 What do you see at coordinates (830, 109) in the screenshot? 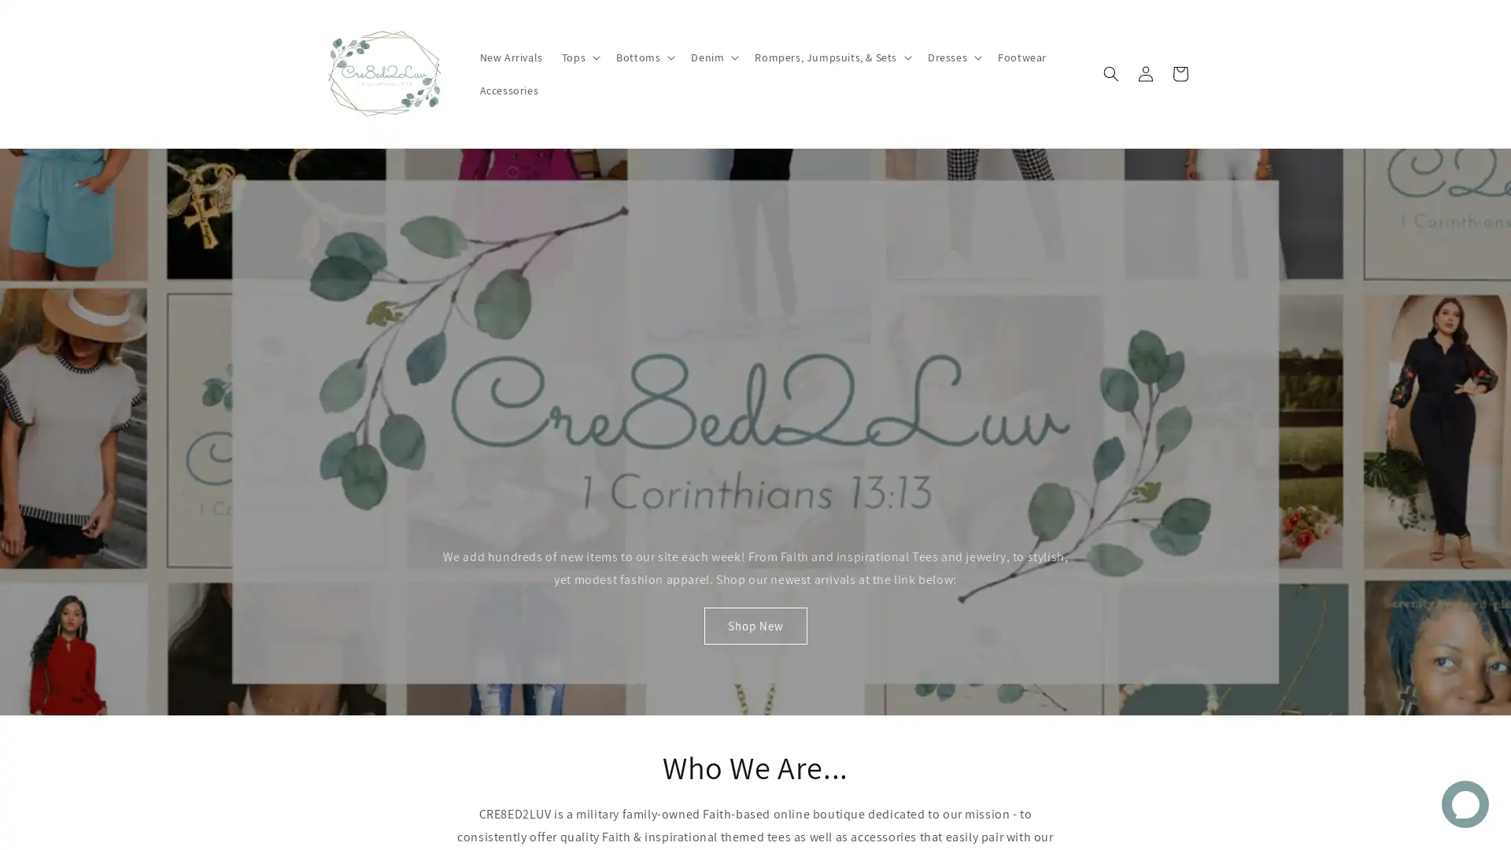
I see `Rompers, Jumpsuits, & Sets` at bounding box center [830, 109].